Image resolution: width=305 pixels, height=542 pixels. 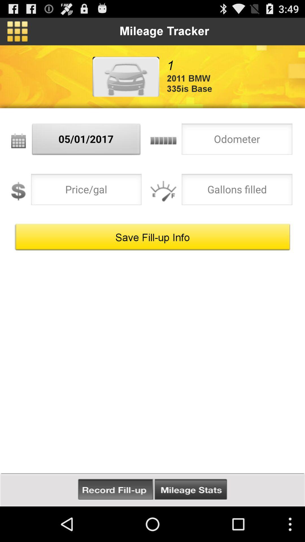 I want to click on store data, so click(x=115, y=489).